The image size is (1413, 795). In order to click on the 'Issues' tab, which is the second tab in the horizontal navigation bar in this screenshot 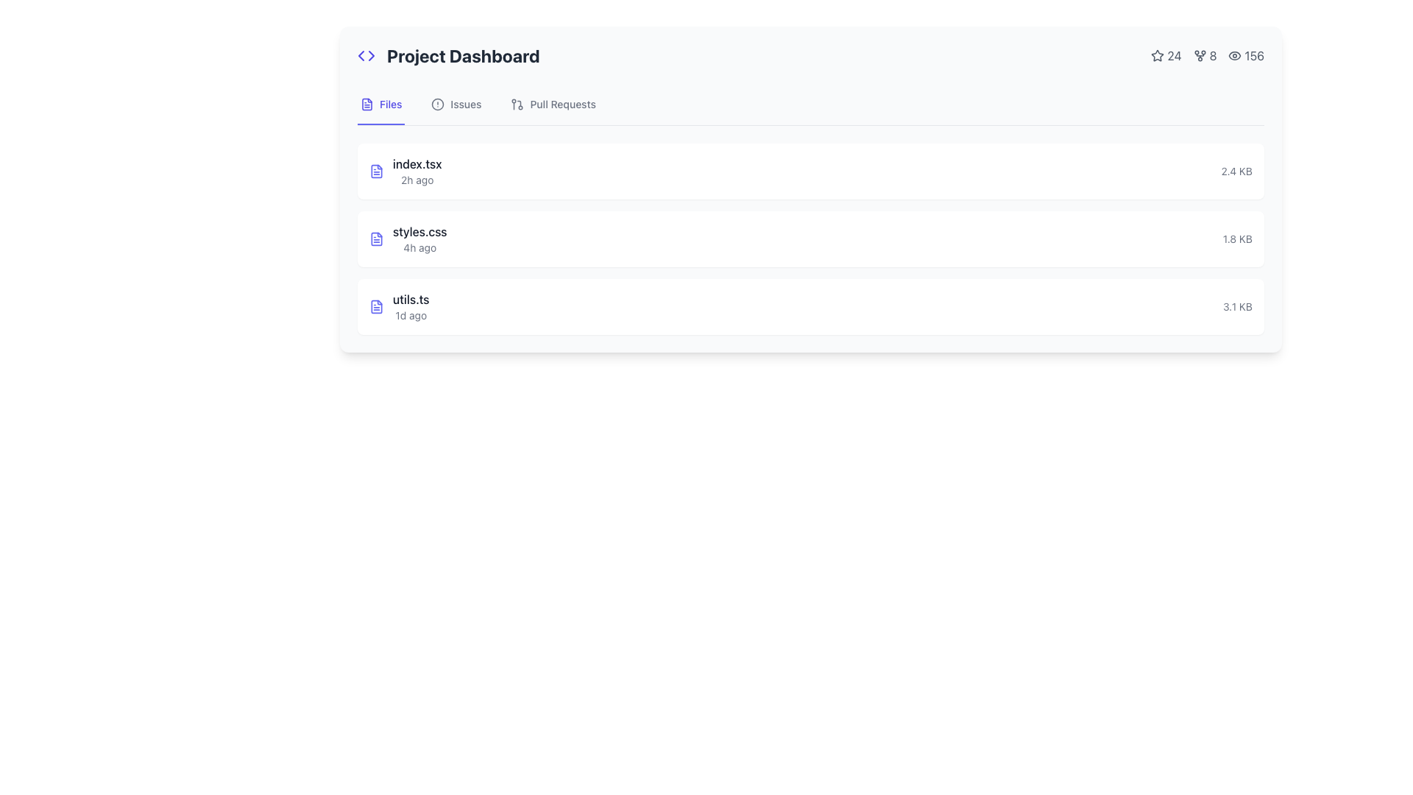, I will do `click(456, 104)`.